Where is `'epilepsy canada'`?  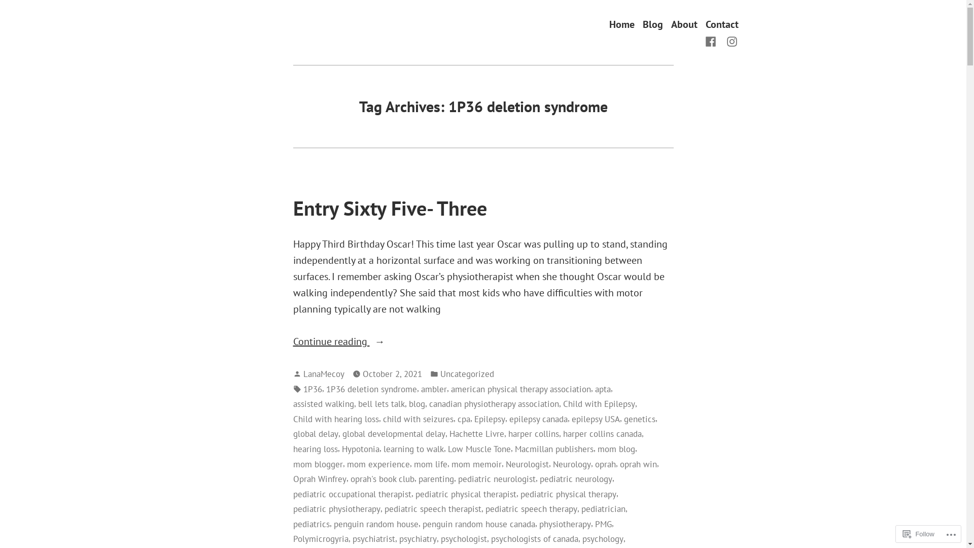 'epilepsy canada' is located at coordinates (538, 419).